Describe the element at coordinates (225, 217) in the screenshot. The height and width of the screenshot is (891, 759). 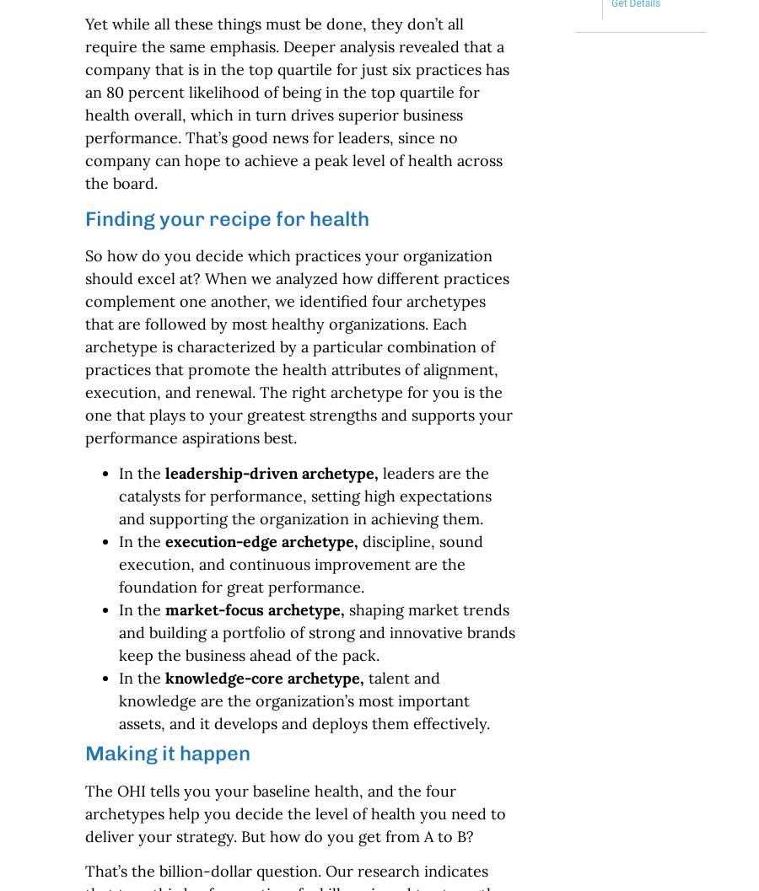
I see `'Finding your recipe for health'` at that location.